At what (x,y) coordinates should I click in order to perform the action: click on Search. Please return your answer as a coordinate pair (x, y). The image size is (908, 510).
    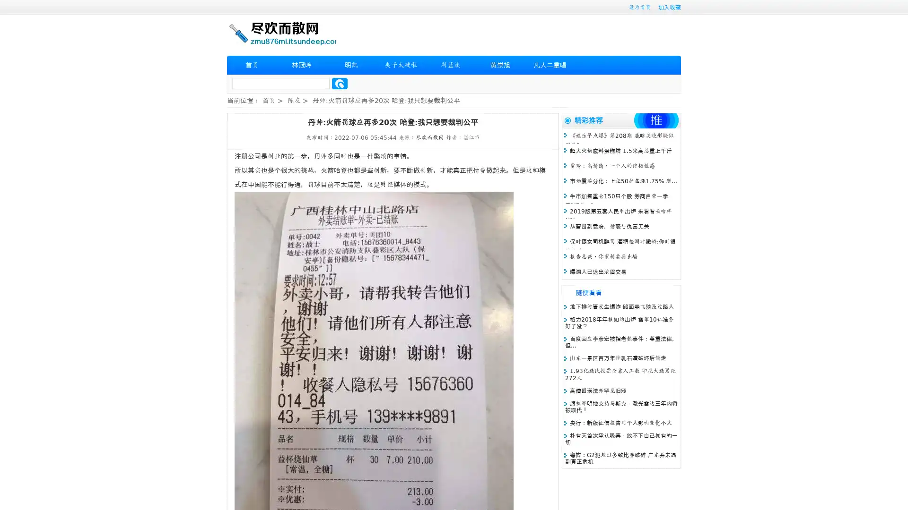
    Looking at the image, I should click on (340, 83).